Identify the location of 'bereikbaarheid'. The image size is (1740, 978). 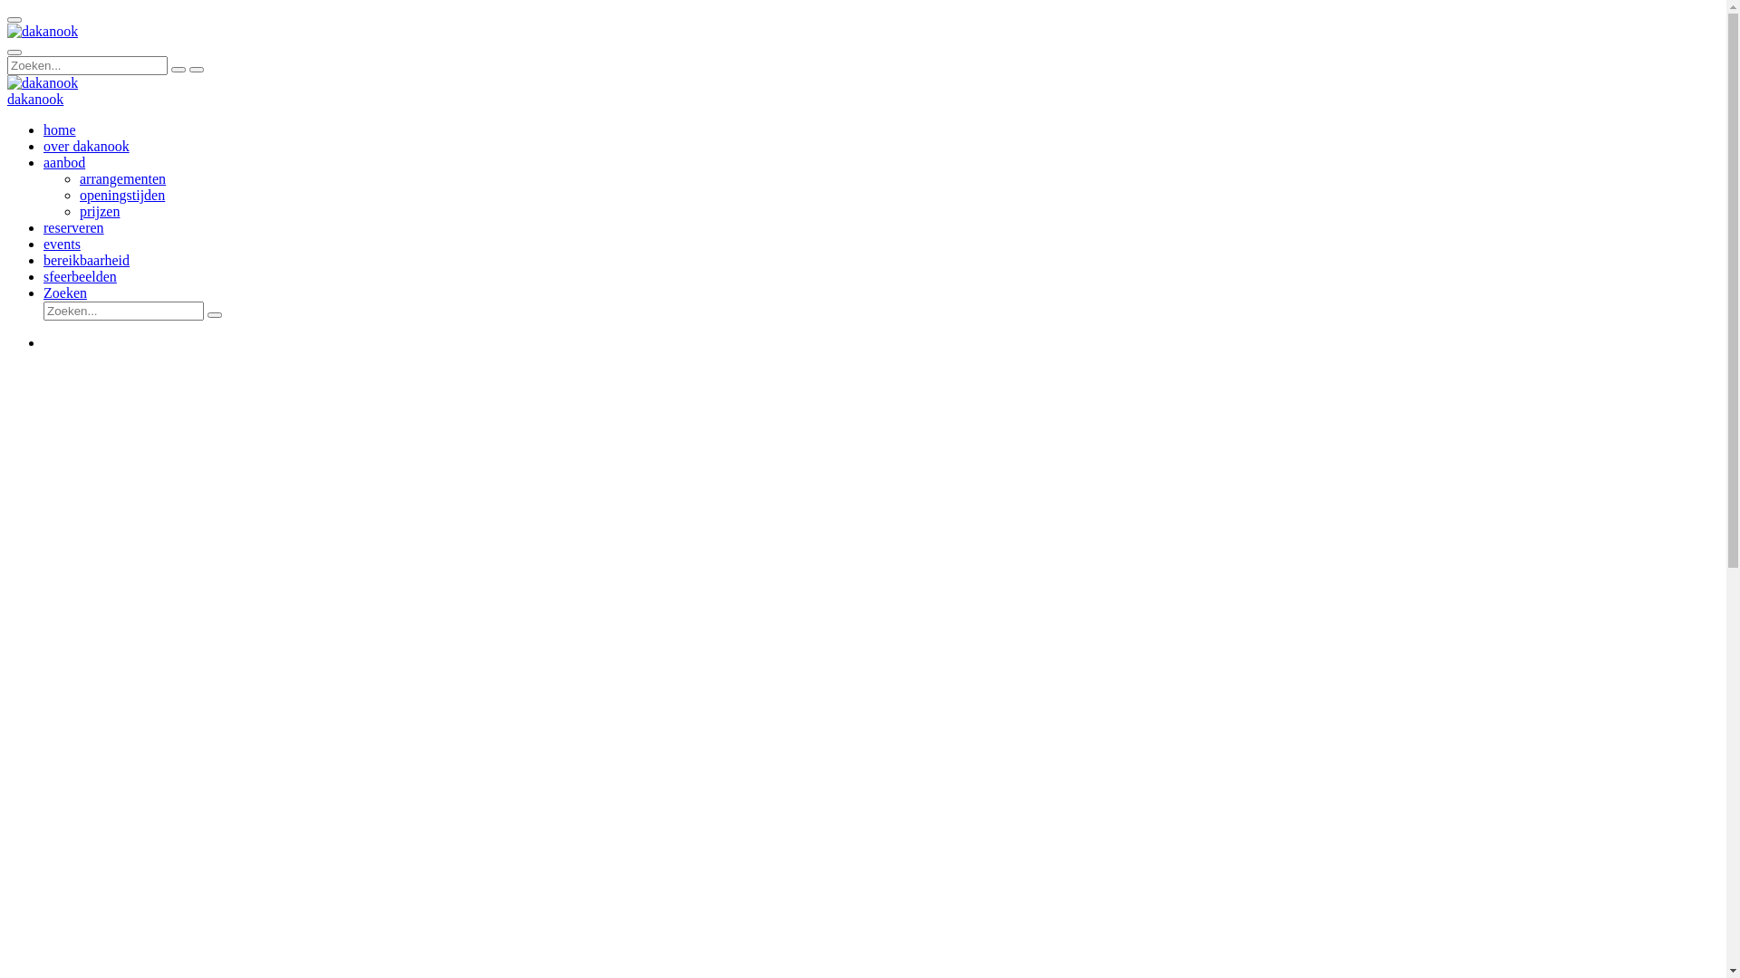
(85, 260).